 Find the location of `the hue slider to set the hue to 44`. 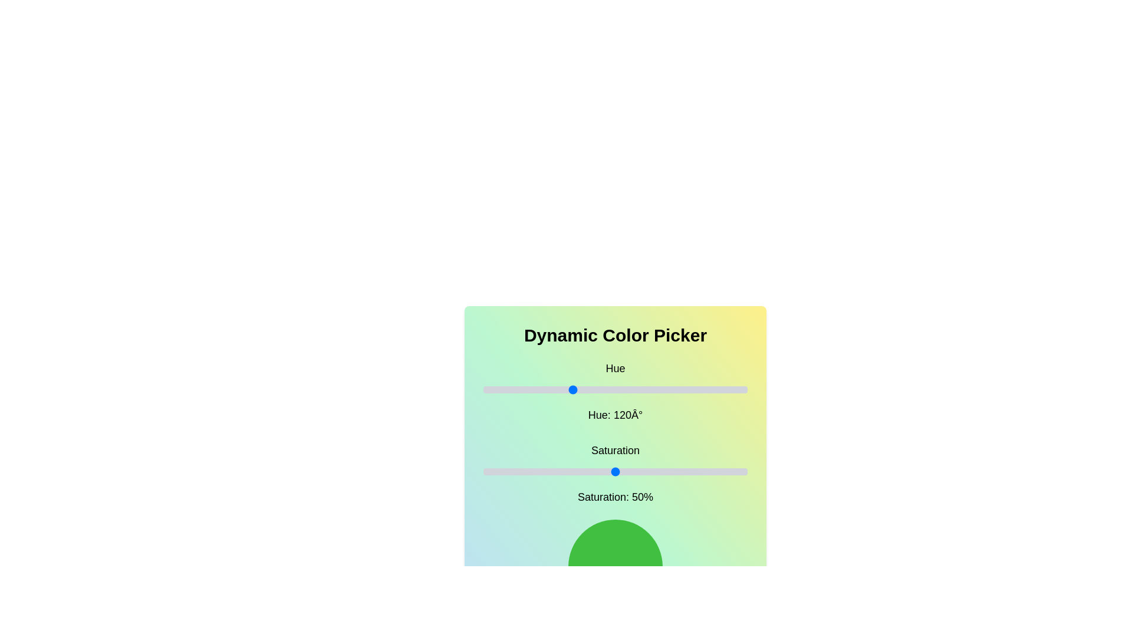

the hue slider to set the hue to 44 is located at coordinates (515, 389).